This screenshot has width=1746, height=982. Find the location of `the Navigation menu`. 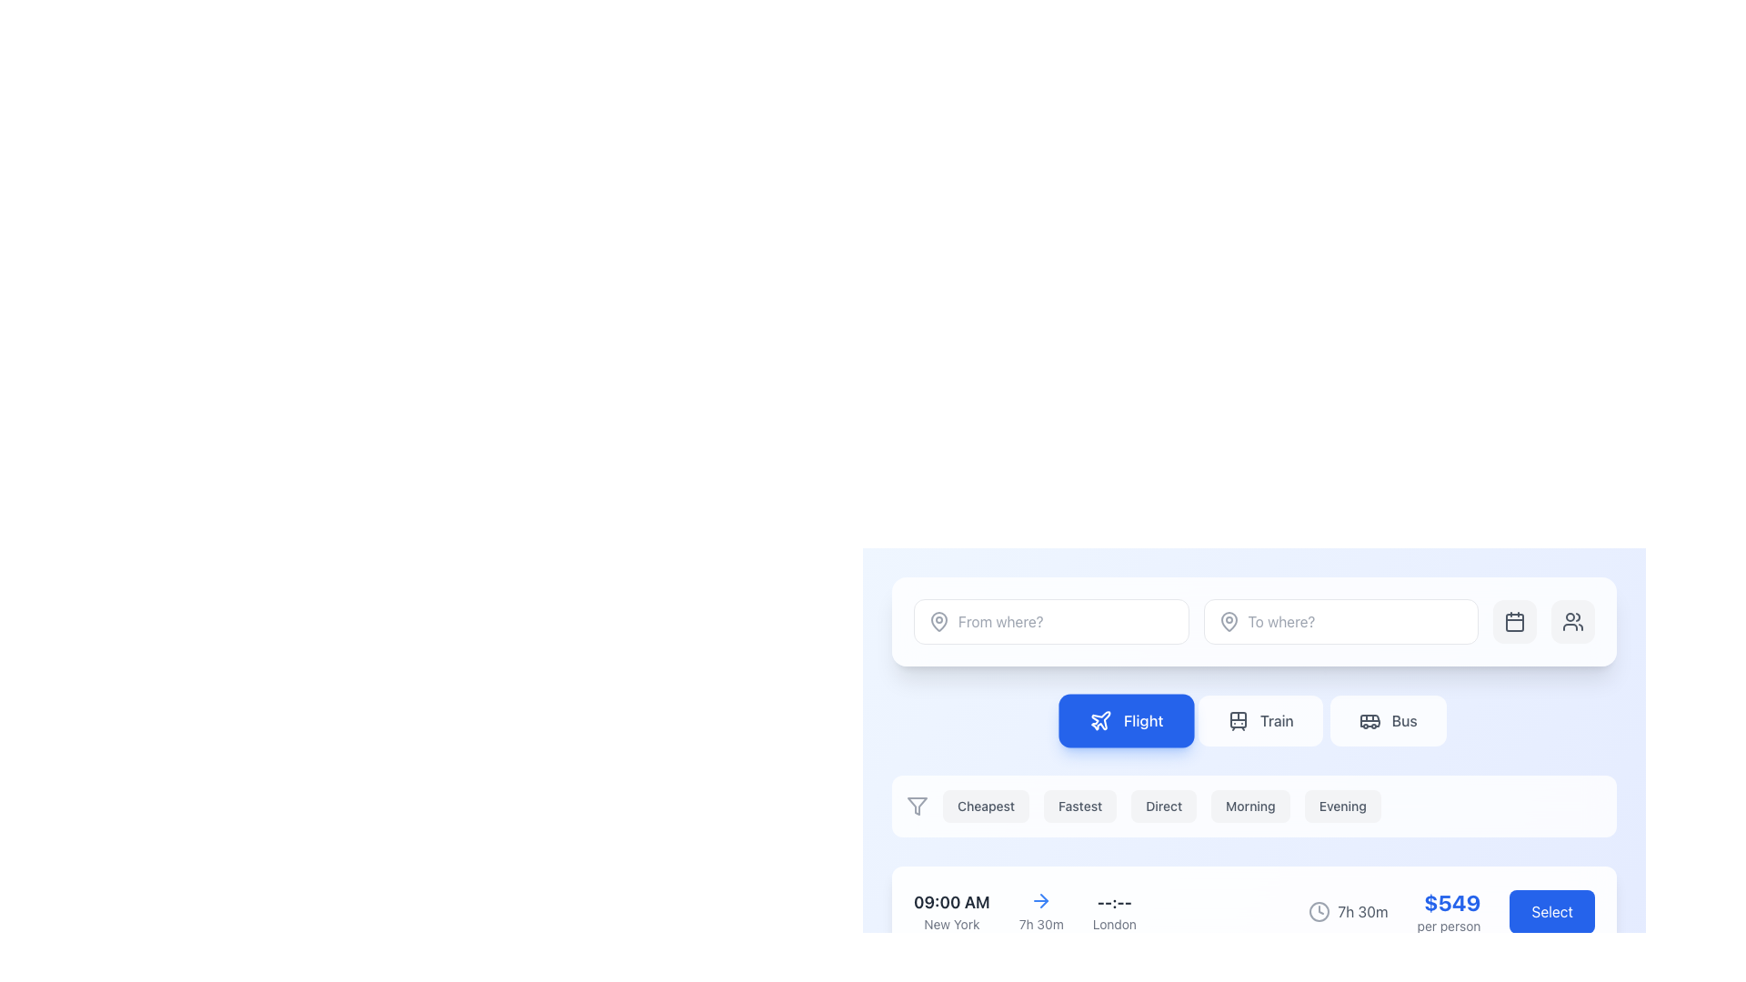

the Navigation menu is located at coordinates (1253, 720).